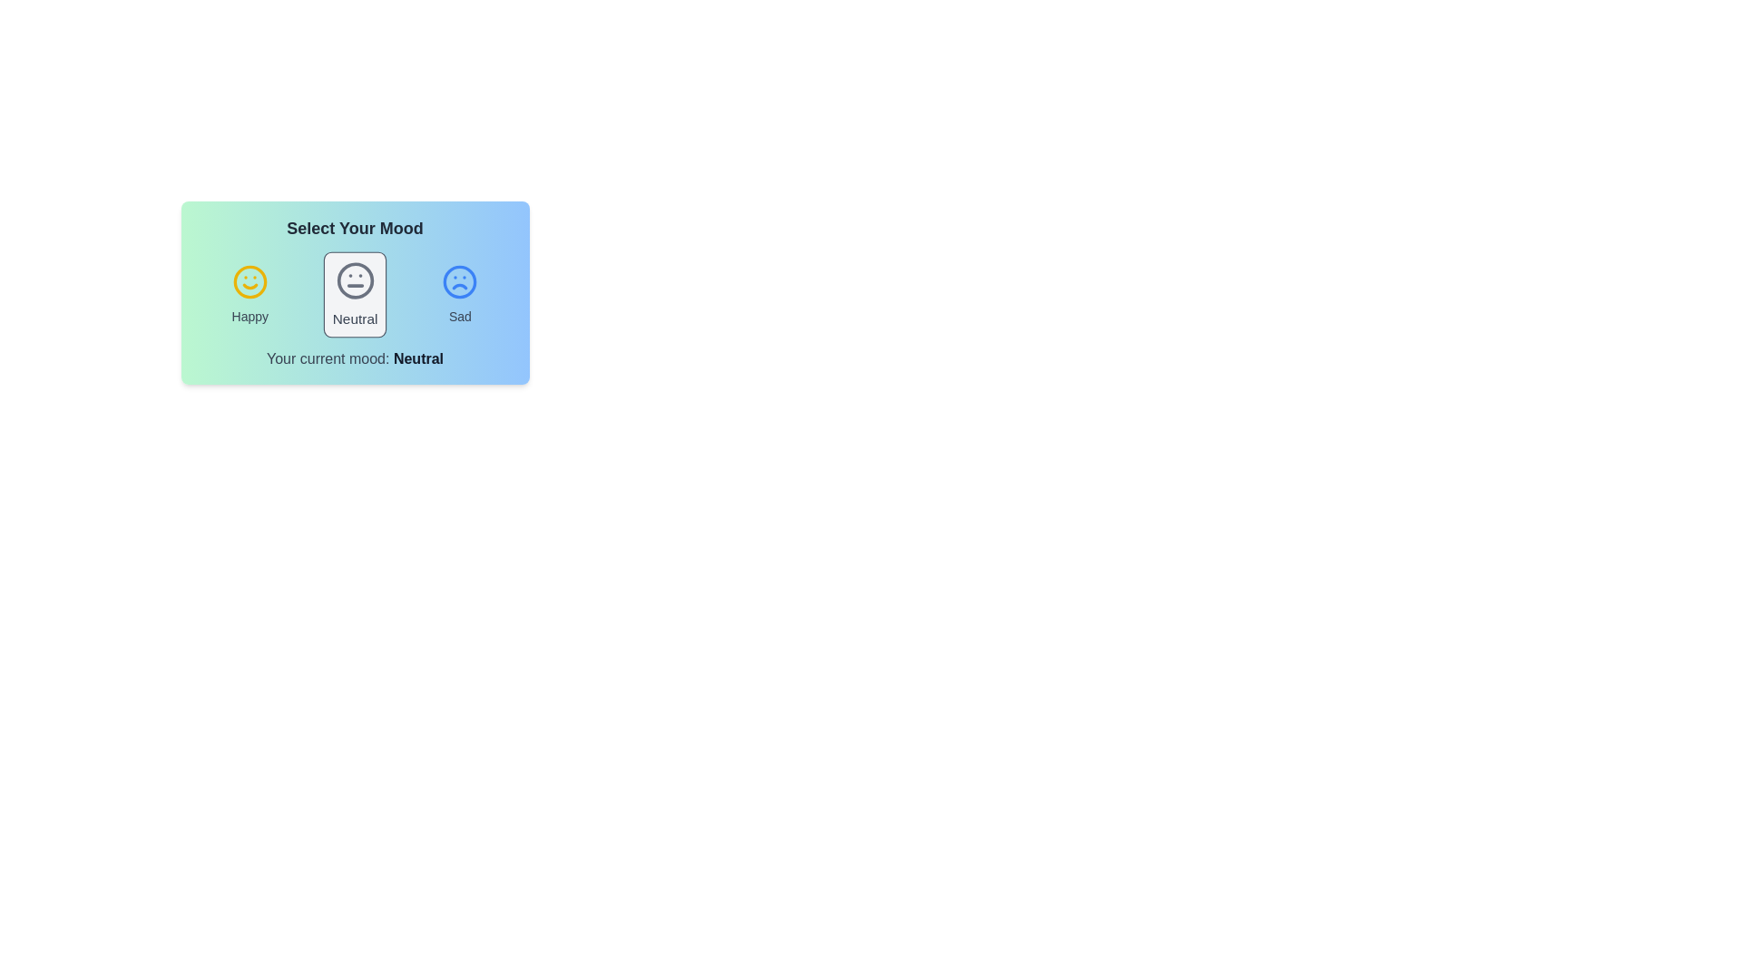 The height and width of the screenshot is (980, 1742). Describe the element at coordinates (249, 315) in the screenshot. I see `the text 'Happy' in the component` at that location.